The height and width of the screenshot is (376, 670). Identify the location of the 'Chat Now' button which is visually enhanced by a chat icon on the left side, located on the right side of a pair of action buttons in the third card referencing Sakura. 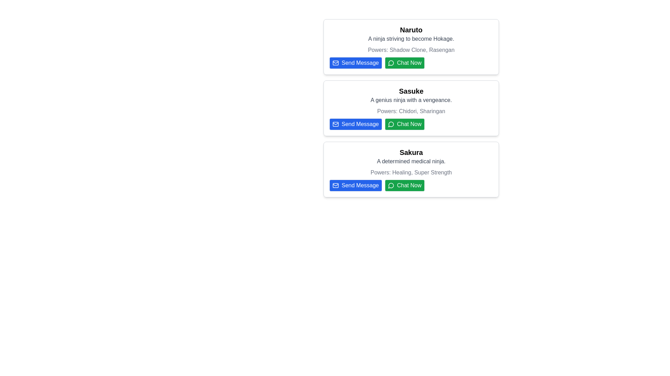
(391, 185).